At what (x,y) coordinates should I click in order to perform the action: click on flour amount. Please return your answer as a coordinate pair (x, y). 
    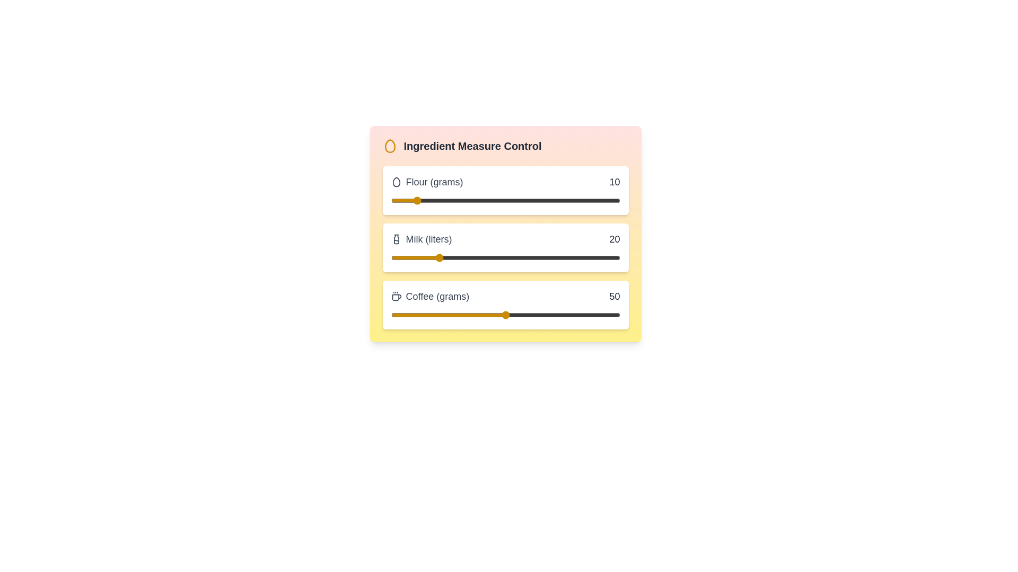
    Looking at the image, I should click on (489, 200).